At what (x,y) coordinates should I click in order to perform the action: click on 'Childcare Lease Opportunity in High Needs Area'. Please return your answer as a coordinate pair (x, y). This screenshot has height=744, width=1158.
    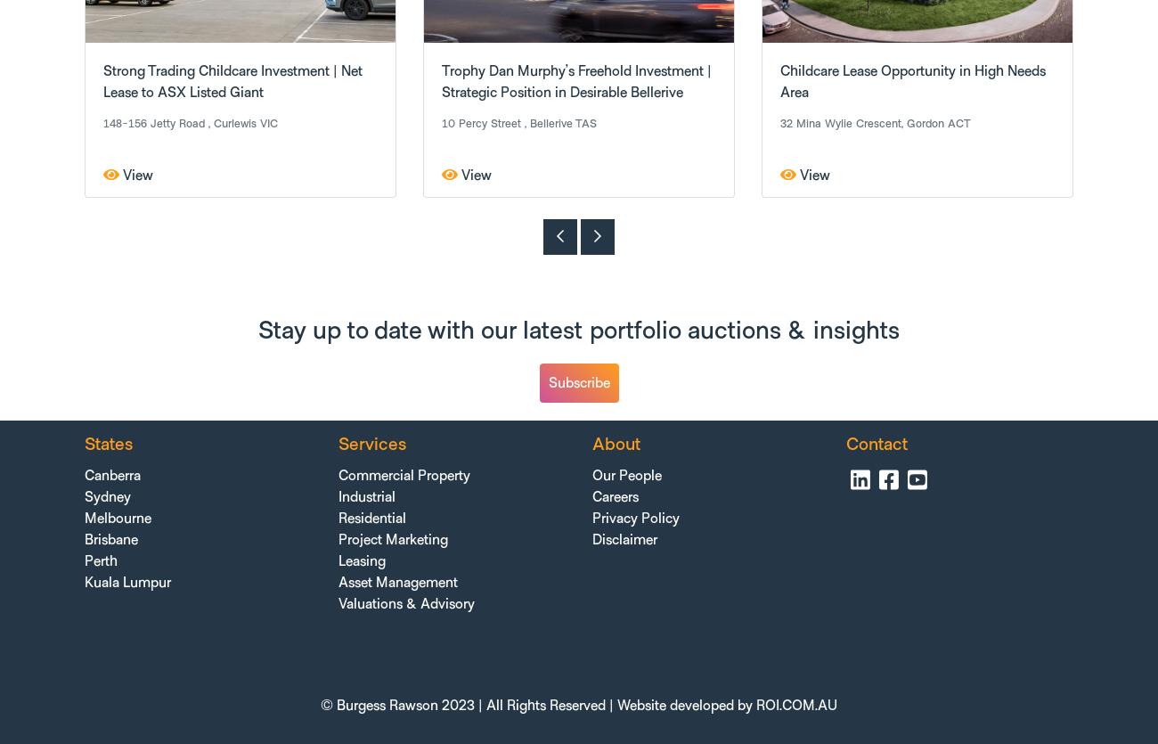
    Looking at the image, I should click on (779, 81).